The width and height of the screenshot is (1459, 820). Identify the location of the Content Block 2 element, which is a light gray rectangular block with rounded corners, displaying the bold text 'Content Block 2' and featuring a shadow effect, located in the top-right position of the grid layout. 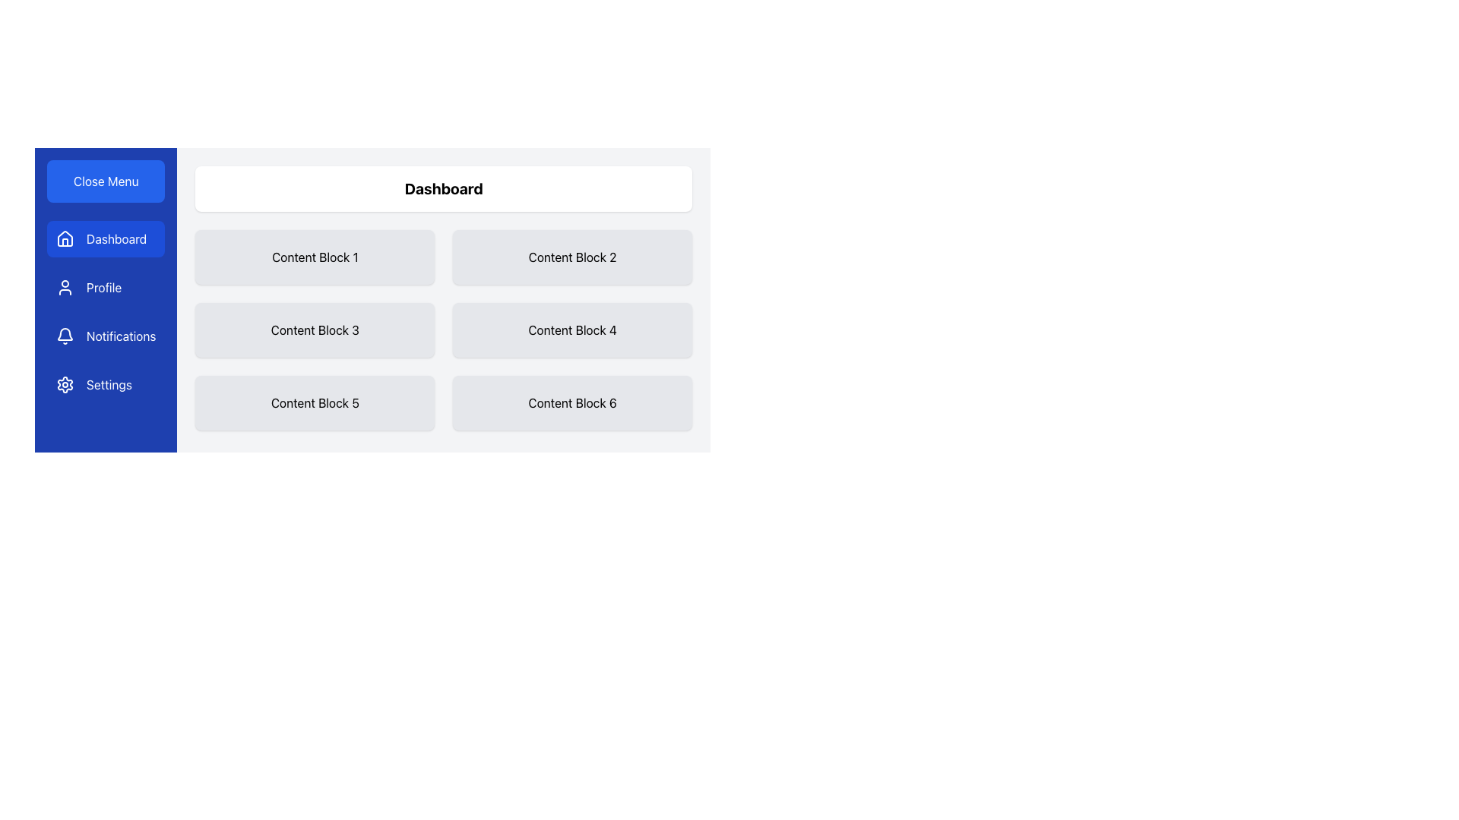
(571, 257).